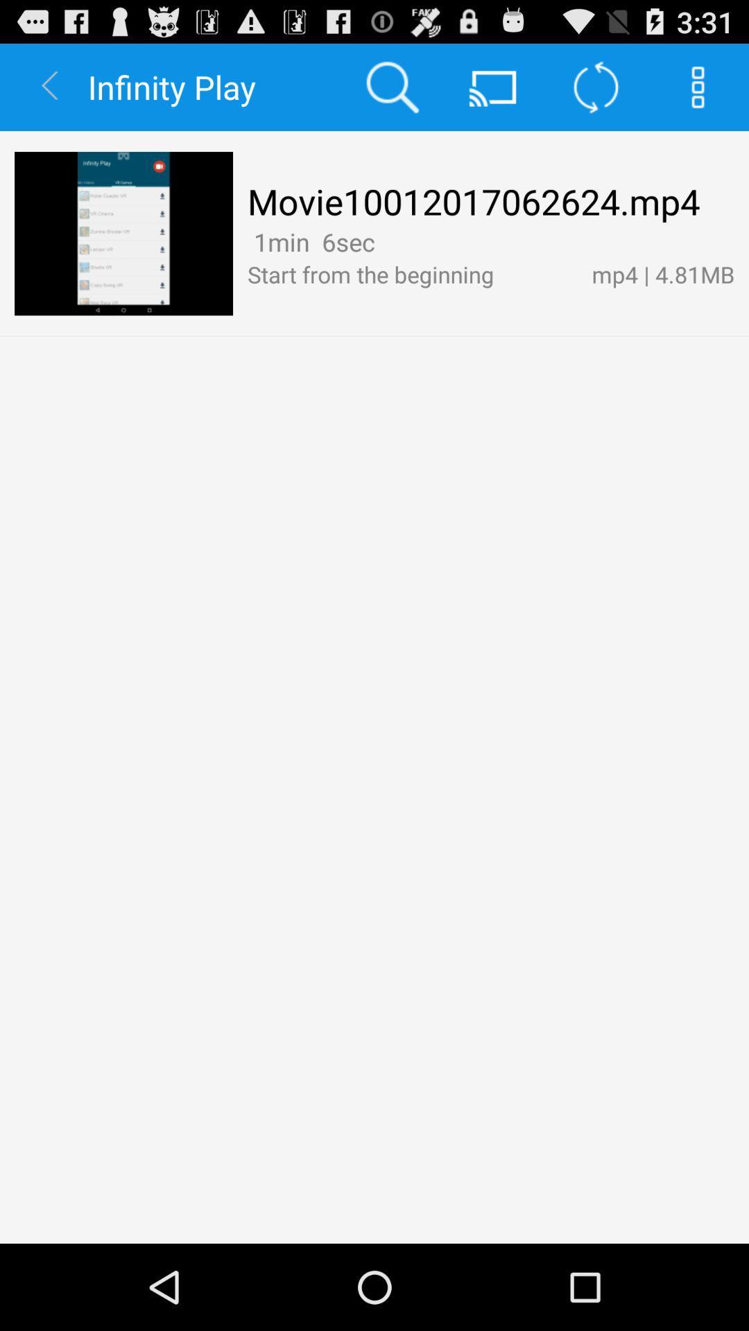 This screenshot has height=1331, width=749. Describe the element at coordinates (411, 274) in the screenshot. I see `the item to the left of the mp4 | 4.81mb` at that location.